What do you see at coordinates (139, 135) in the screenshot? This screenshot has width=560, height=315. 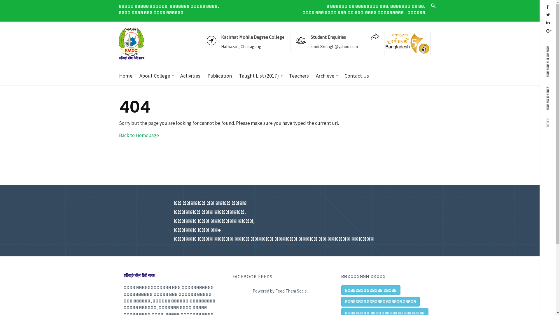 I see `'Back to Homepage'` at bounding box center [139, 135].